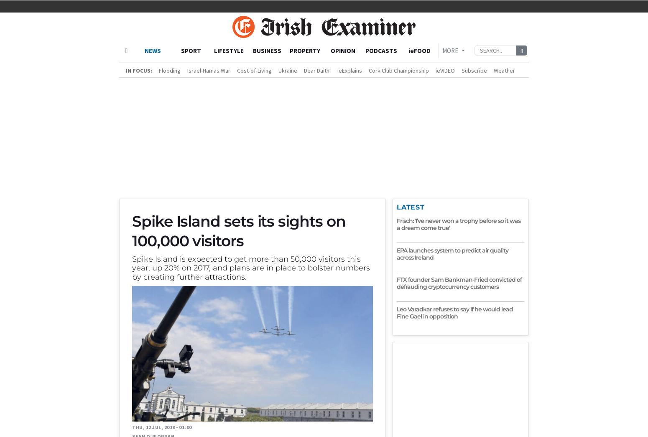 The image size is (648, 437). What do you see at coordinates (138, 354) in the screenshot?
I see `'Ashling Murphy trial: Accused says he was ‘not at all’ following woman on day teacher died'` at bounding box center [138, 354].